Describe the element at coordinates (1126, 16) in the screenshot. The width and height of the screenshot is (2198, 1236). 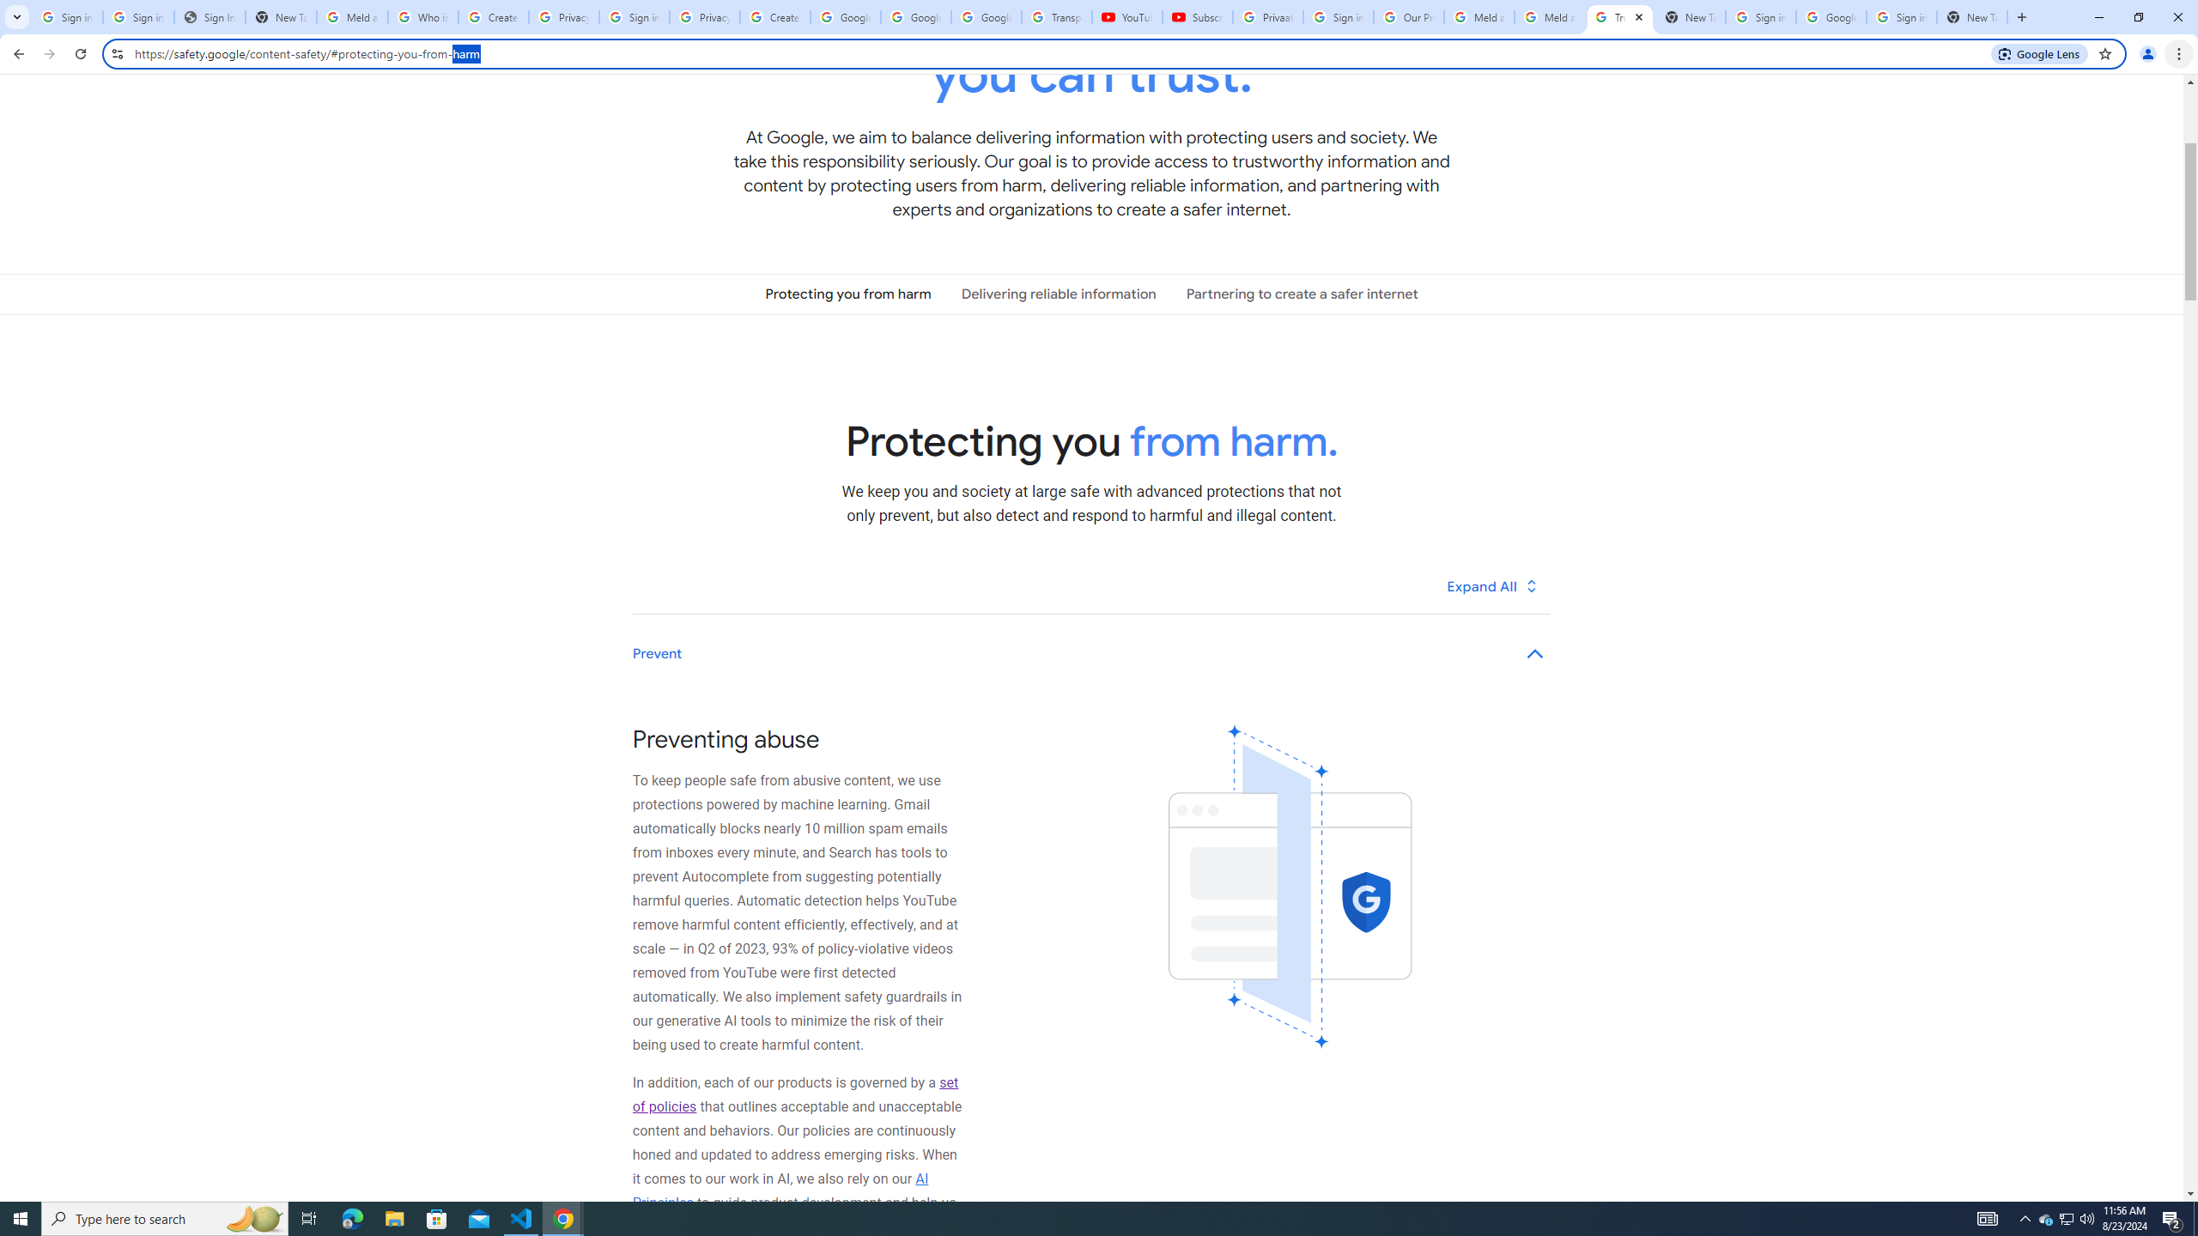
I see `'YouTube'` at that location.